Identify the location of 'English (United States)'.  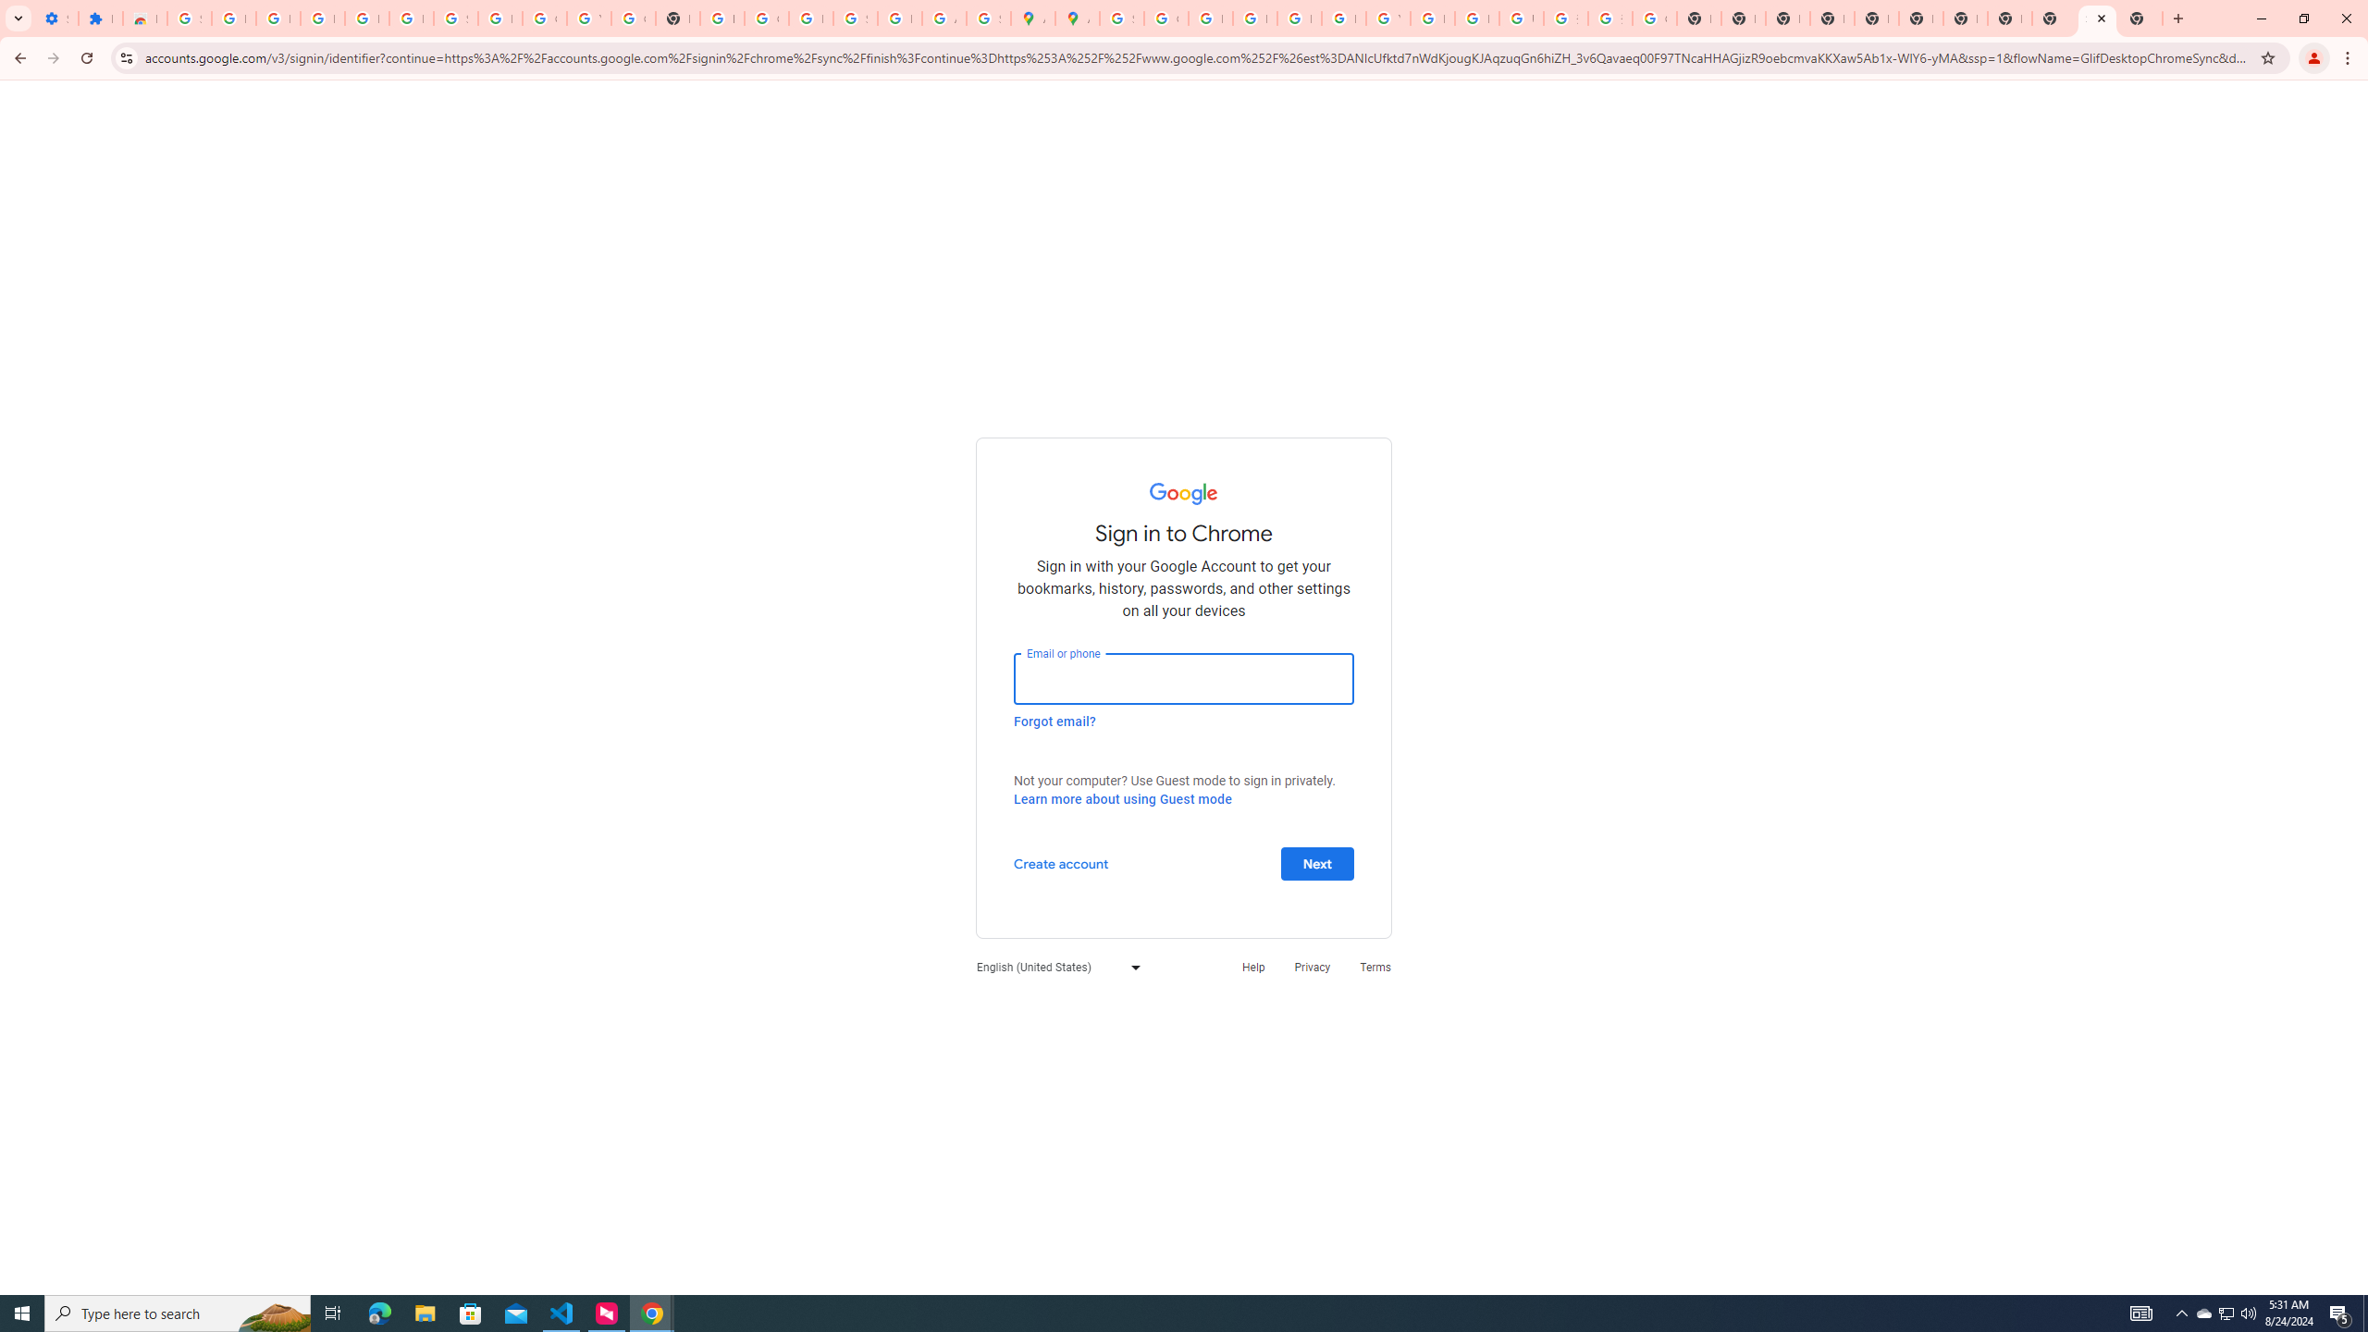
(1053, 967).